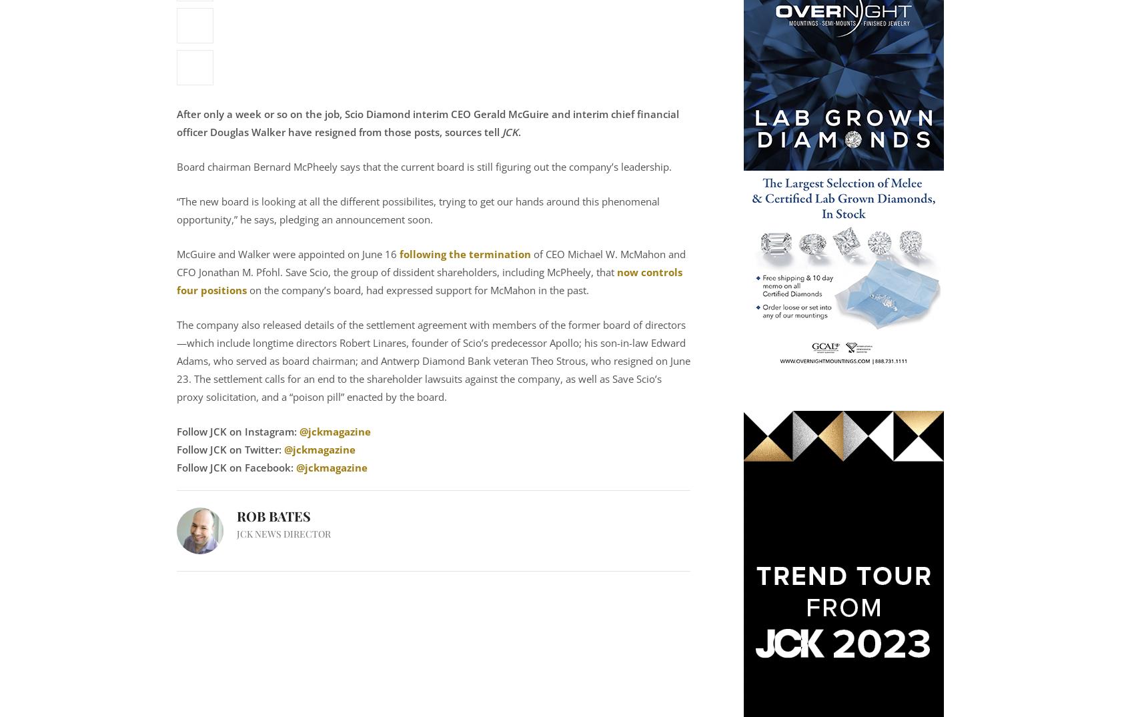 The width and height of the screenshot is (1134, 717). Describe the element at coordinates (283, 532) in the screenshot. I see `'JCK News Director'` at that location.